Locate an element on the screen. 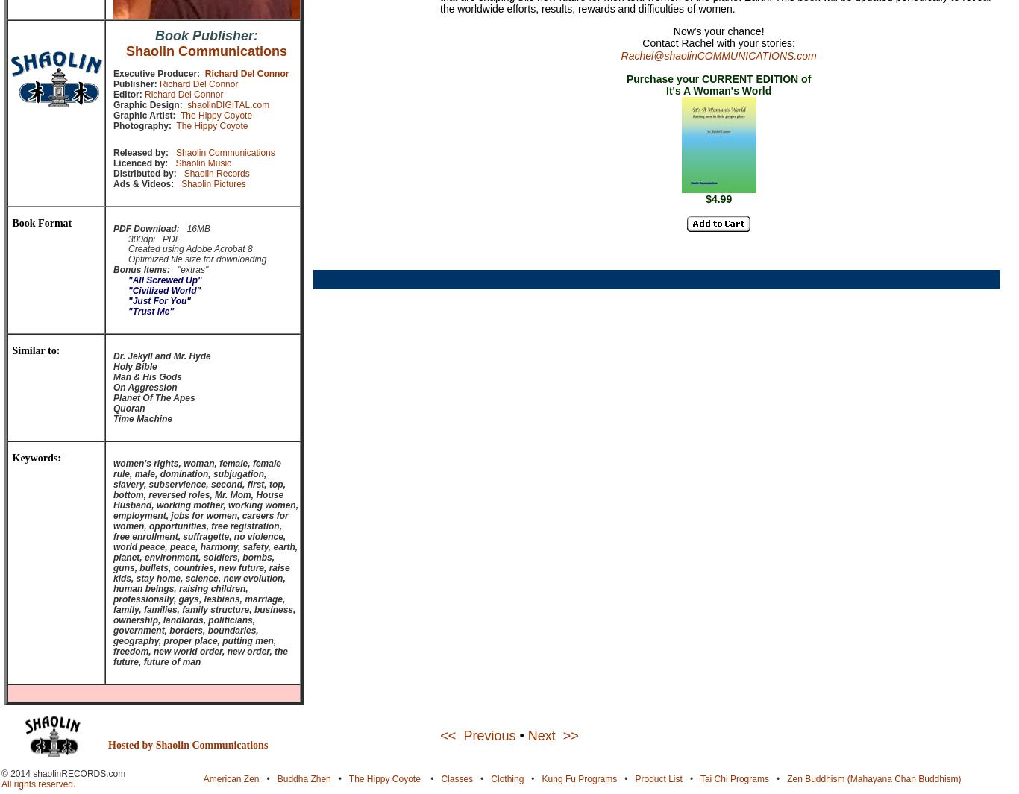  '"Trust Me"' is located at coordinates (142, 311).